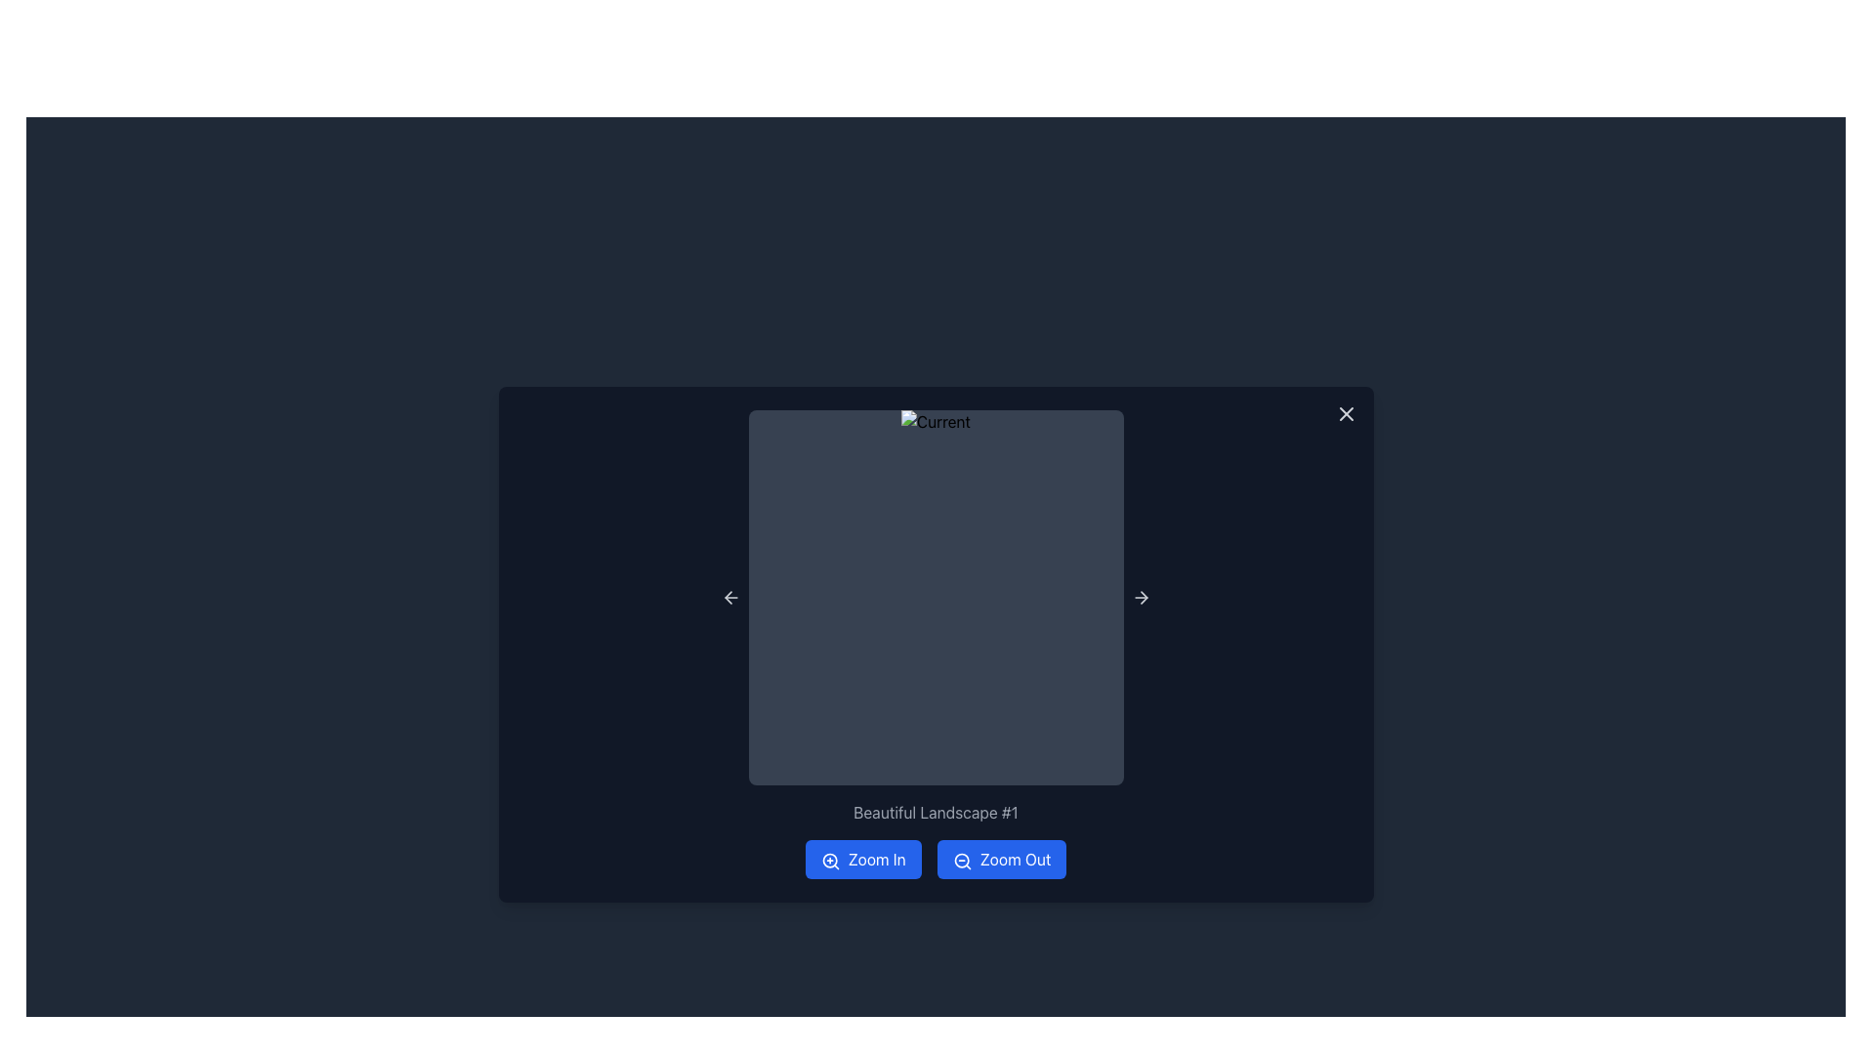  What do you see at coordinates (1345, 413) in the screenshot?
I see `the graphical icon segment representing the close or cancel icon located` at bounding box center [1345, 413].